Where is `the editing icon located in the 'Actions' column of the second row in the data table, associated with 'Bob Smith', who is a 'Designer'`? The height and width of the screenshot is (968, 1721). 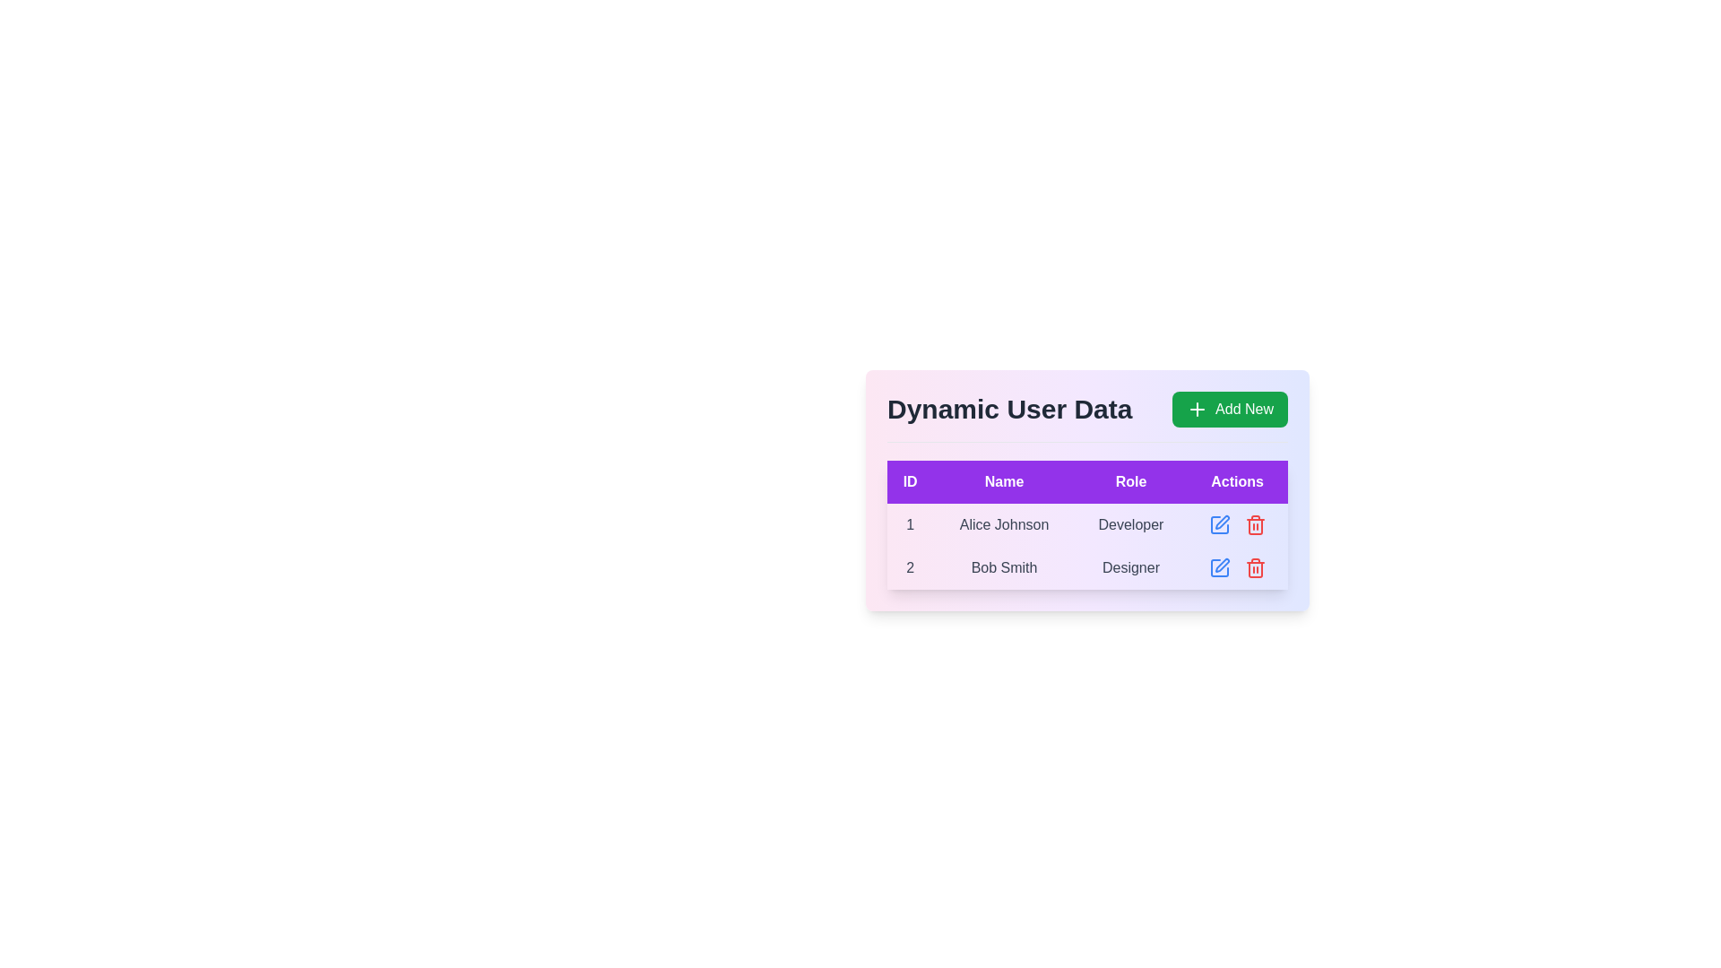
the editing icon located in the 'Actions' column of the second row in the data table, associated with 'Bob Smith', who is a 'Designer' is located at coordinates (1219, 524).